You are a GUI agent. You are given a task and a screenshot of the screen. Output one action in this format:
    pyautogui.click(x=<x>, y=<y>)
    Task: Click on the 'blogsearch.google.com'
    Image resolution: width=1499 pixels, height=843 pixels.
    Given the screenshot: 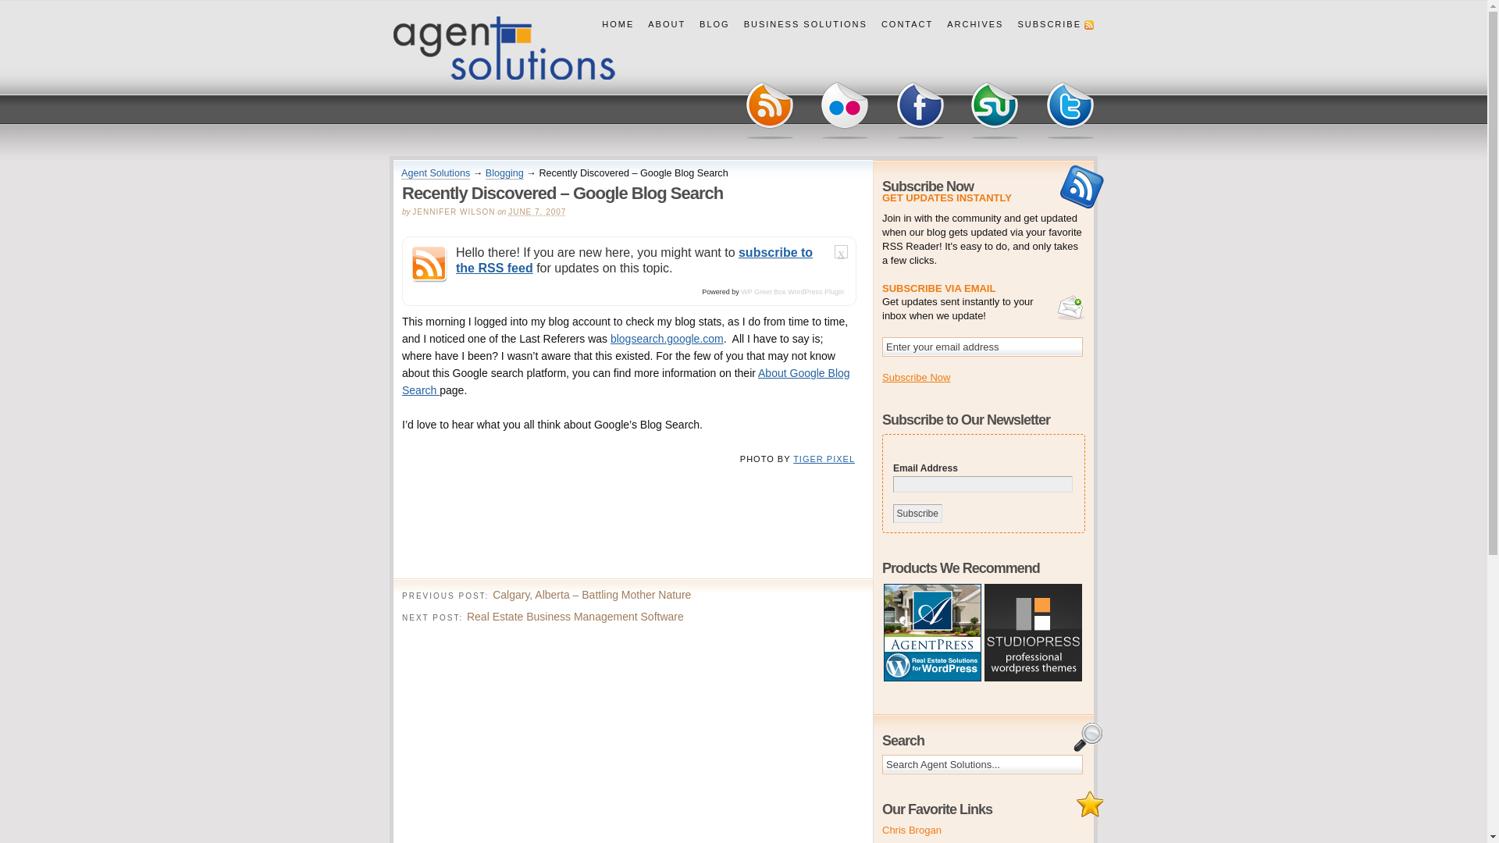 What is the action you would take?
    pyautogui.click(x=667, y=338)
    